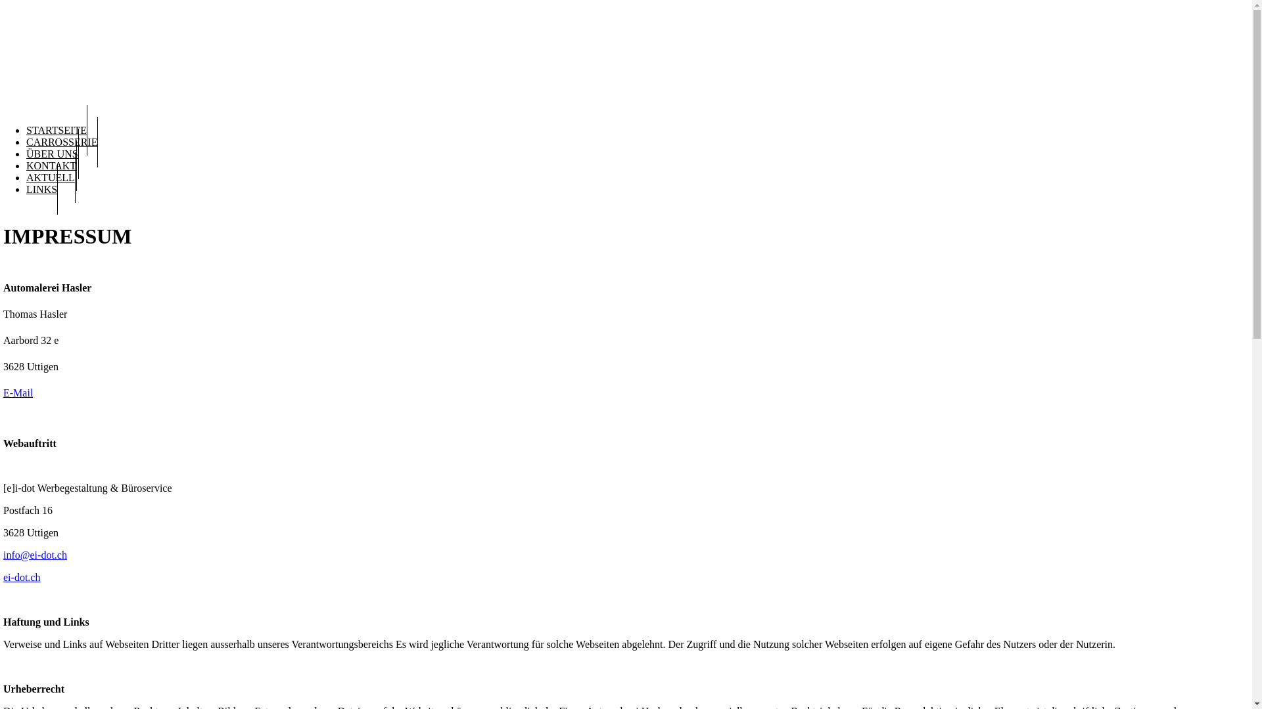  Describe the element at coordinates (41, 189) in the screenshot. I see `'LINKS'` at that location.